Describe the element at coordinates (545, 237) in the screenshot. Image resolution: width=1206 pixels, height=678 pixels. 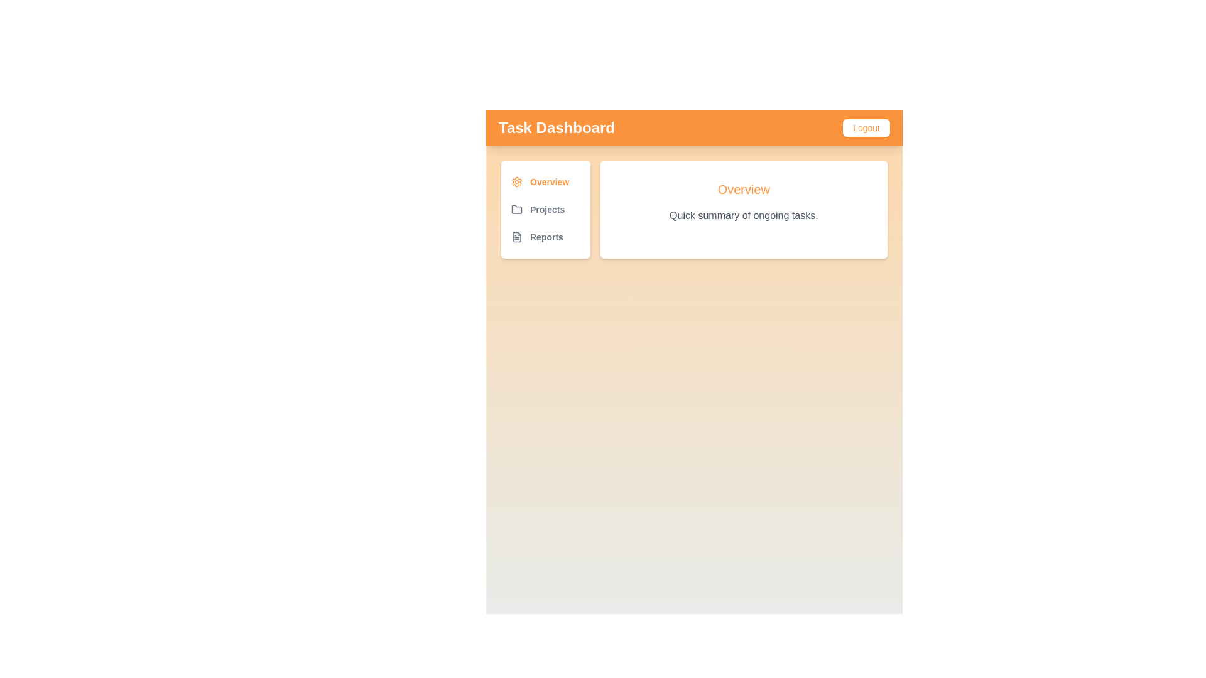
I see `the 'Reports' navigation label with an accompanying document icon located in the left vertical navigation bar, which is the third item in the menu following 'Overview' and 'Projects'` at that location.